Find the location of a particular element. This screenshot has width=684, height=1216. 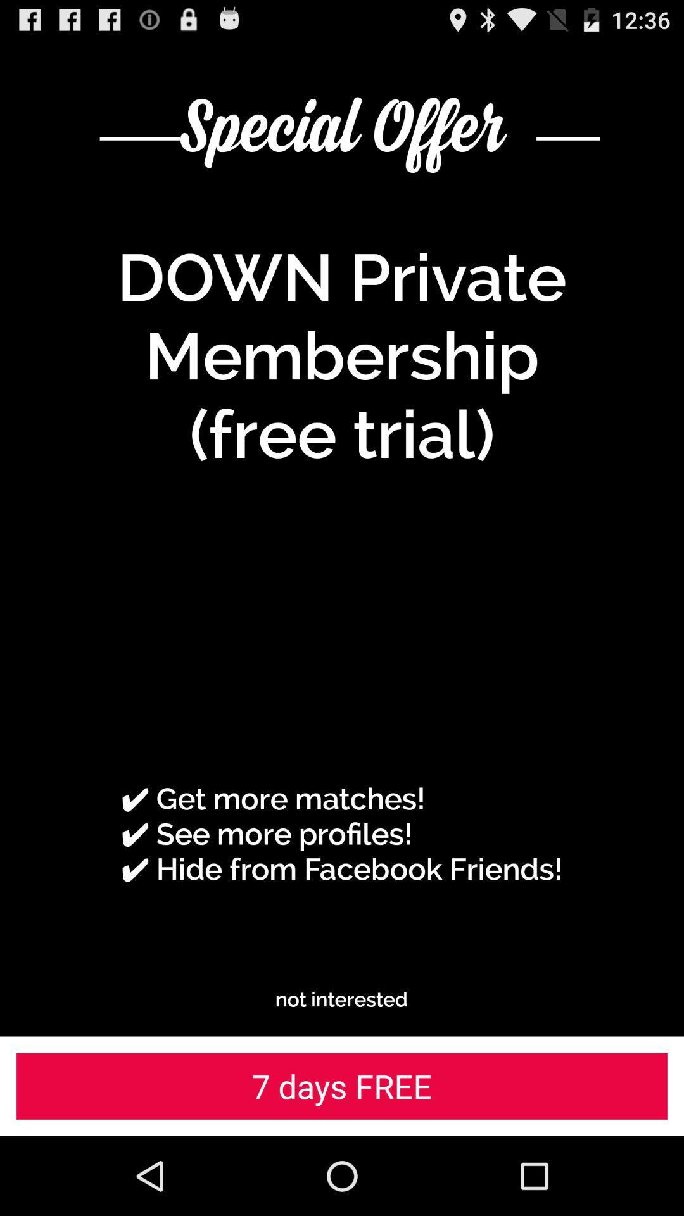

the 7 days free item is located at coordinates (342, 1086).